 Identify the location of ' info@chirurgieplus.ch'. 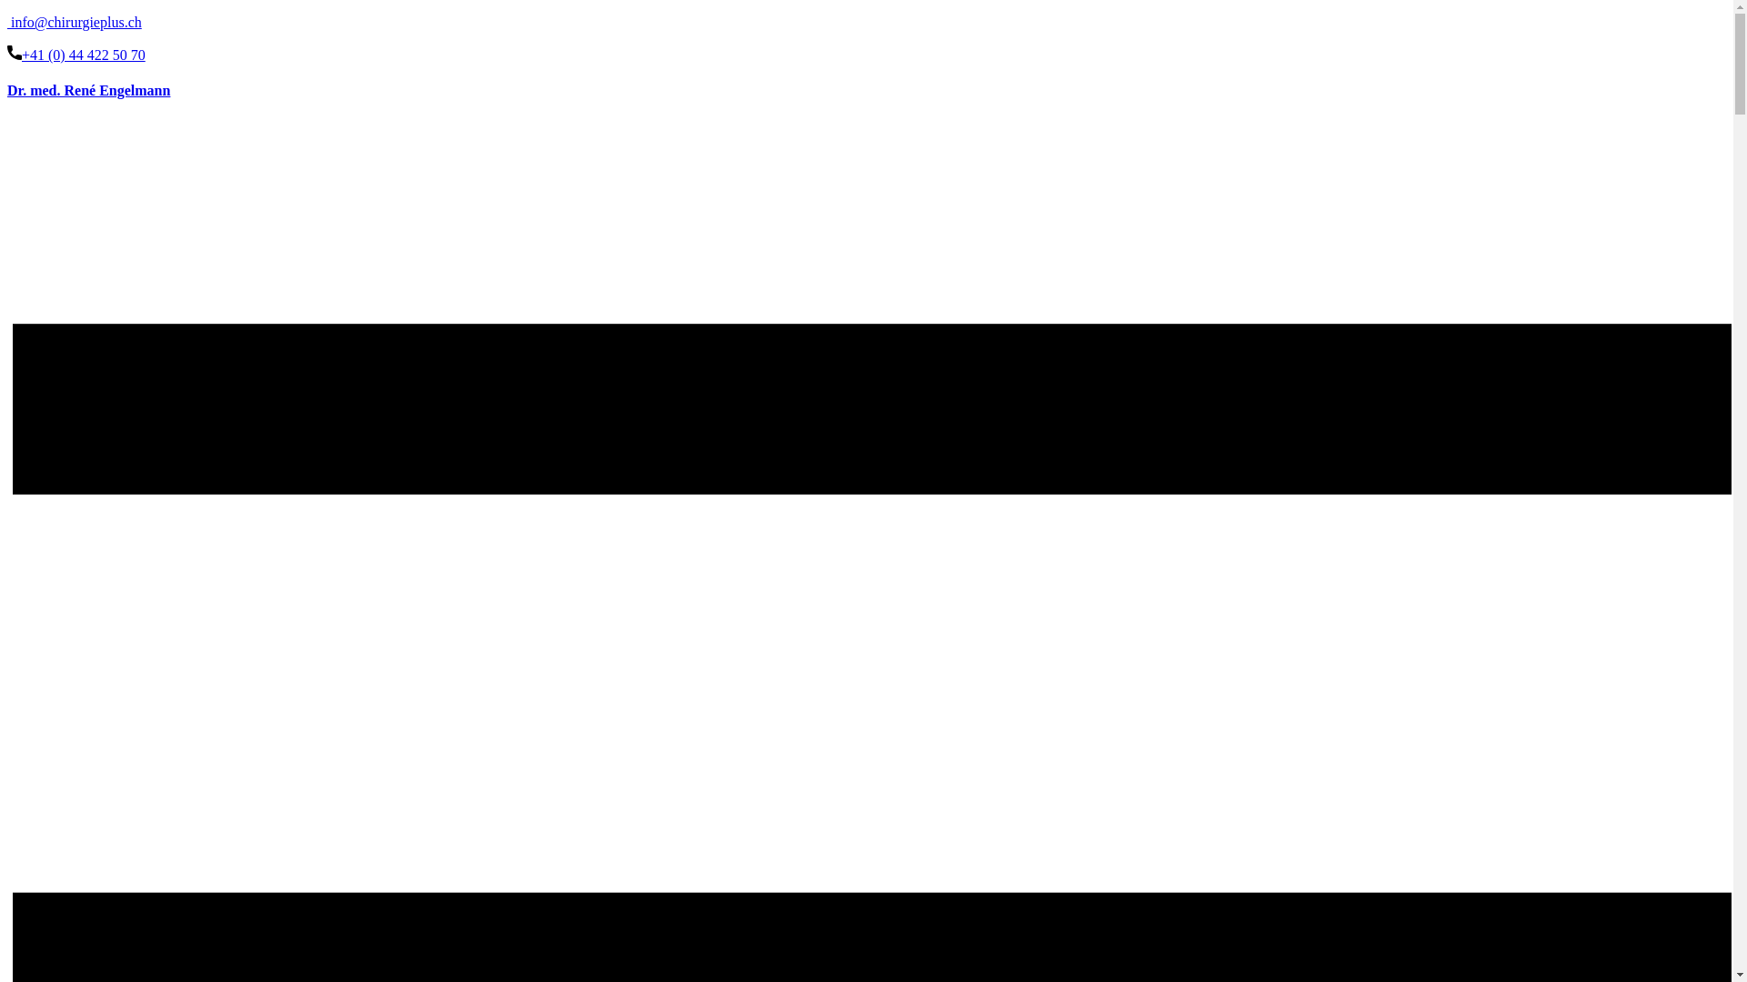
(7, 22).